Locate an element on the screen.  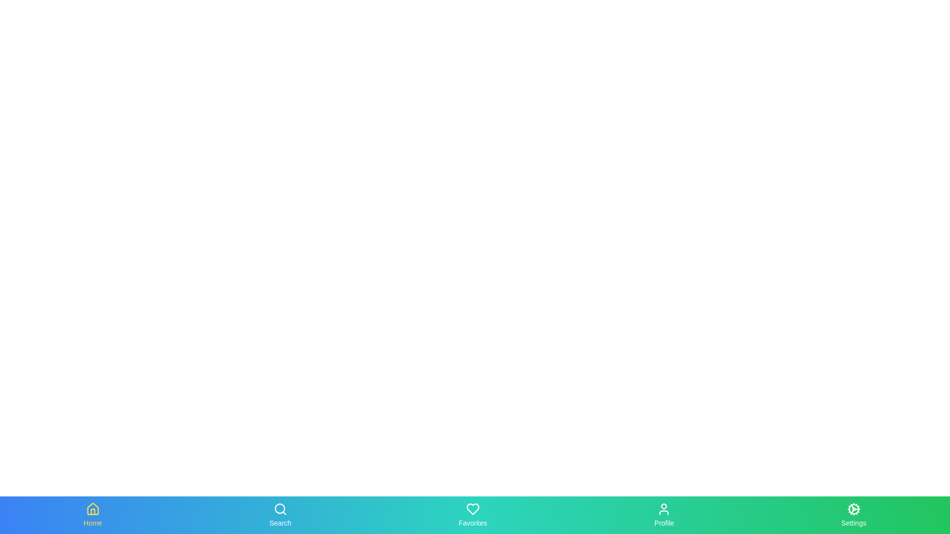
the tab labeled Home to observe the scaling animation is located at coordinates (93, 514).